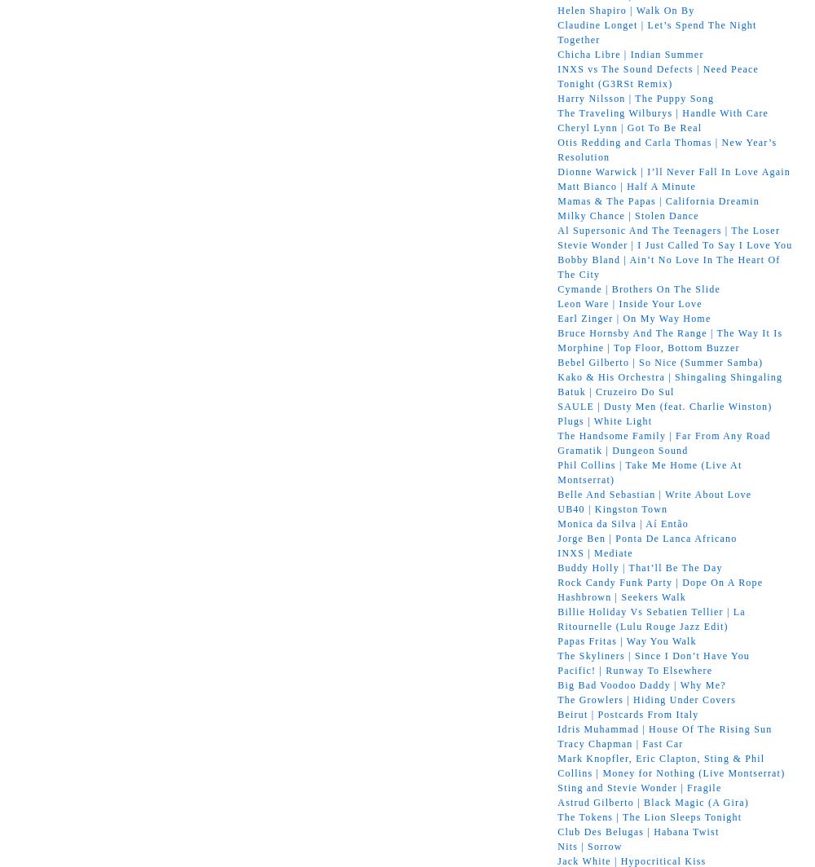 This screenshot has height=867, width=815. Describe the element at coordinates (557, 537) in the screenshot. I see `'Jorge Ben | Ponta De Lanca Africano'` at that location.